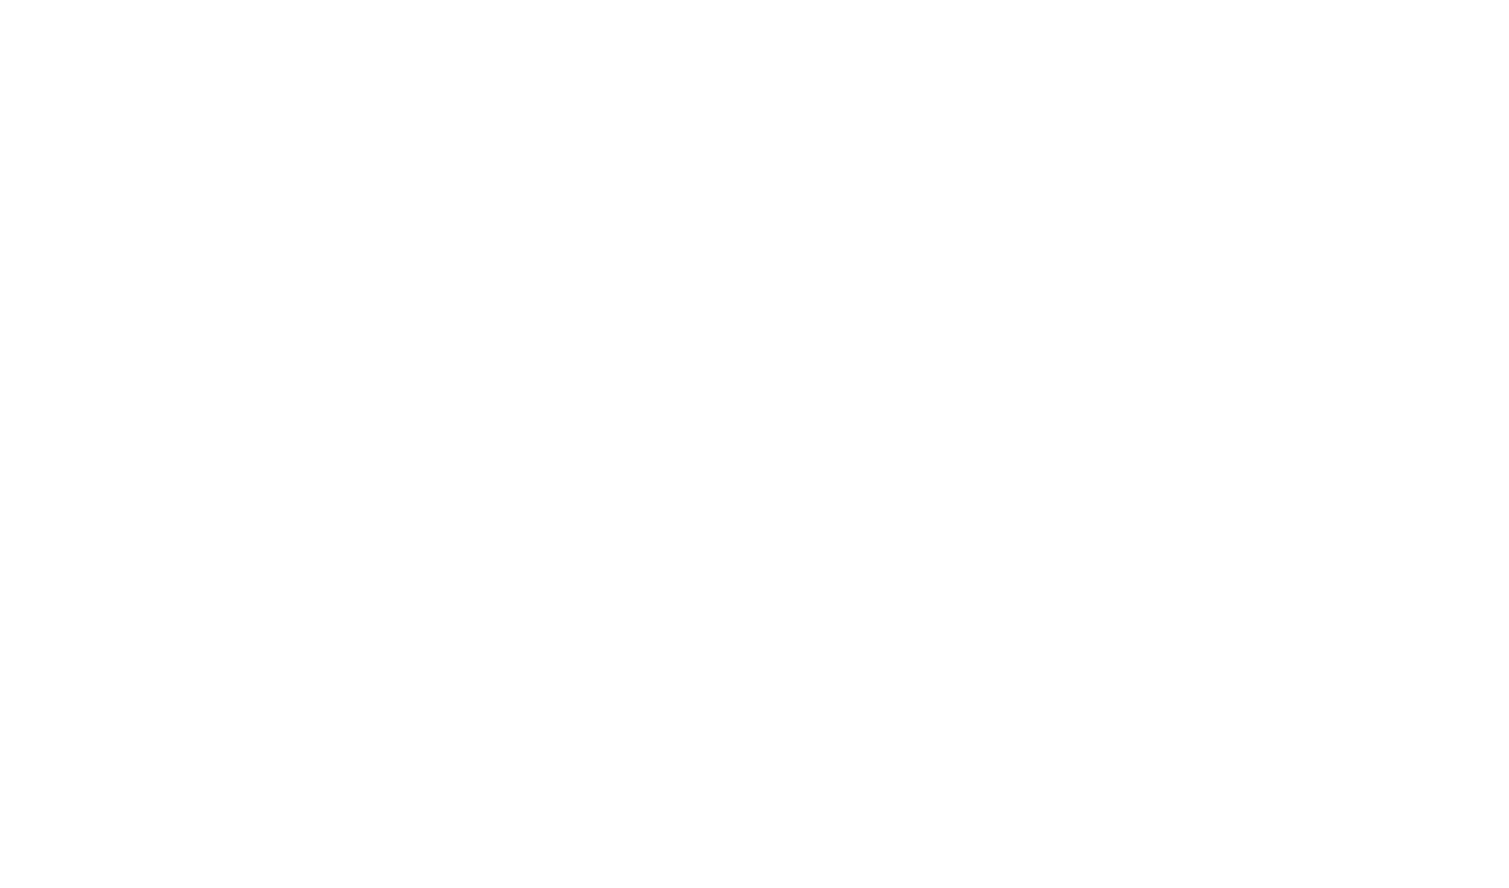 This screenshot has height=888, width=1509. What do you see at coordinates (566, 571) in the screenshot?
I see `'Travel'` at bounding box center [566, 571].